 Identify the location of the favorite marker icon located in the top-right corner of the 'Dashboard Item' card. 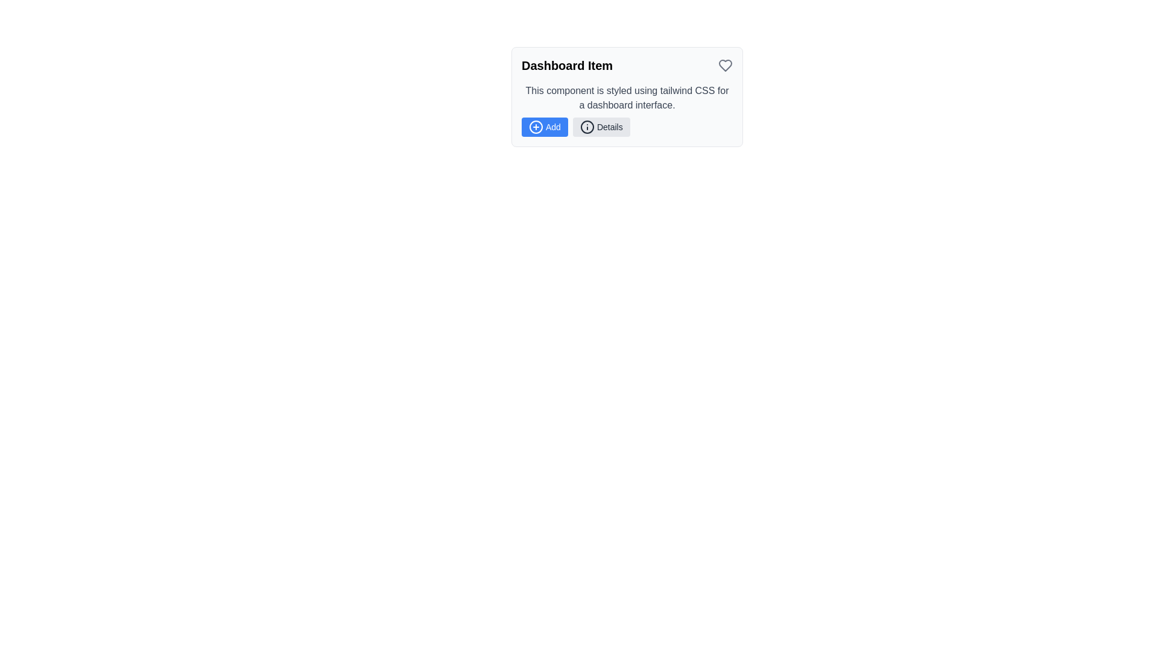
(725, 65).